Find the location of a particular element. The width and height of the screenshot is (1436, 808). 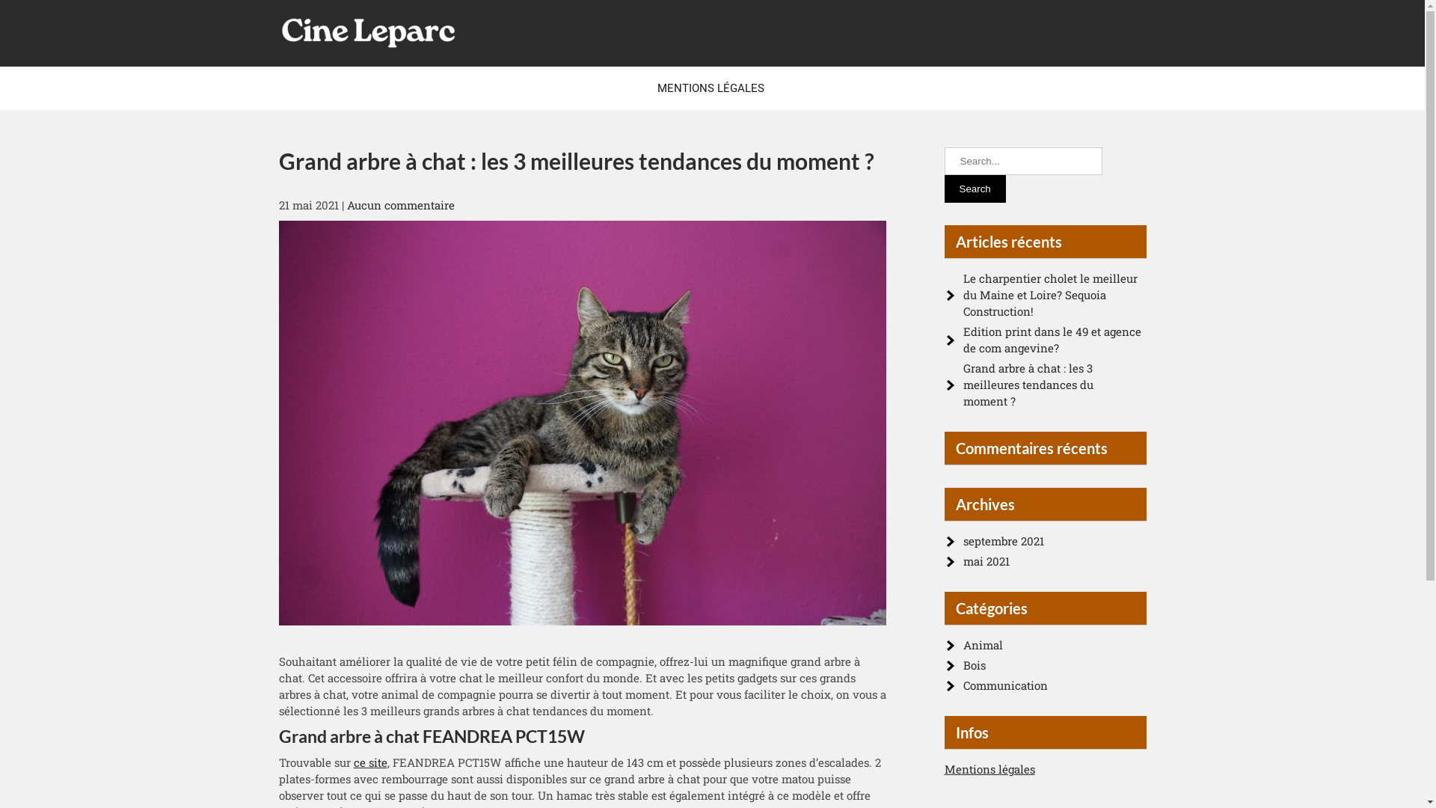

'Edition print dans le 49 et agence de com angevine?' is located at coordinates (1051, 340).